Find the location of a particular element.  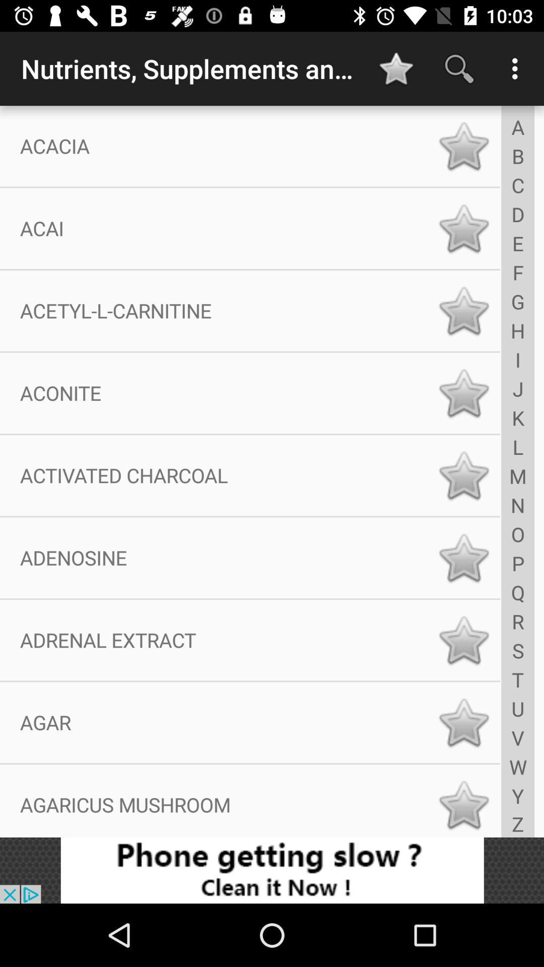

agaricus mushroom is located at coordinates (463, 804).